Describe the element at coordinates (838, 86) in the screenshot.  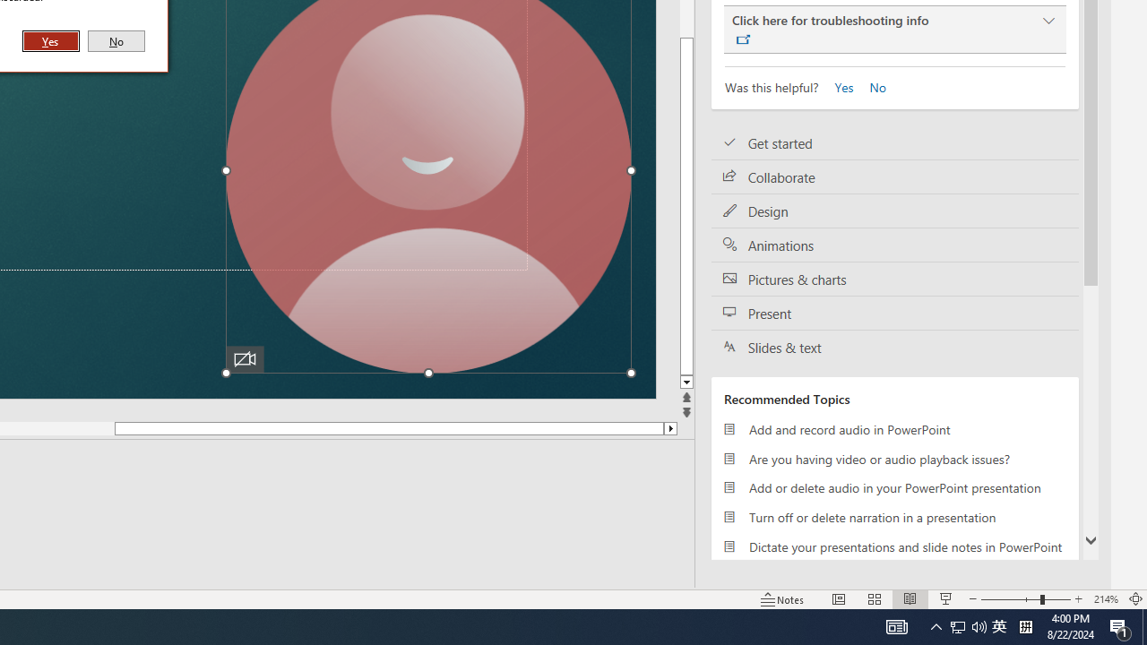
I see `'Yes'` at that location.